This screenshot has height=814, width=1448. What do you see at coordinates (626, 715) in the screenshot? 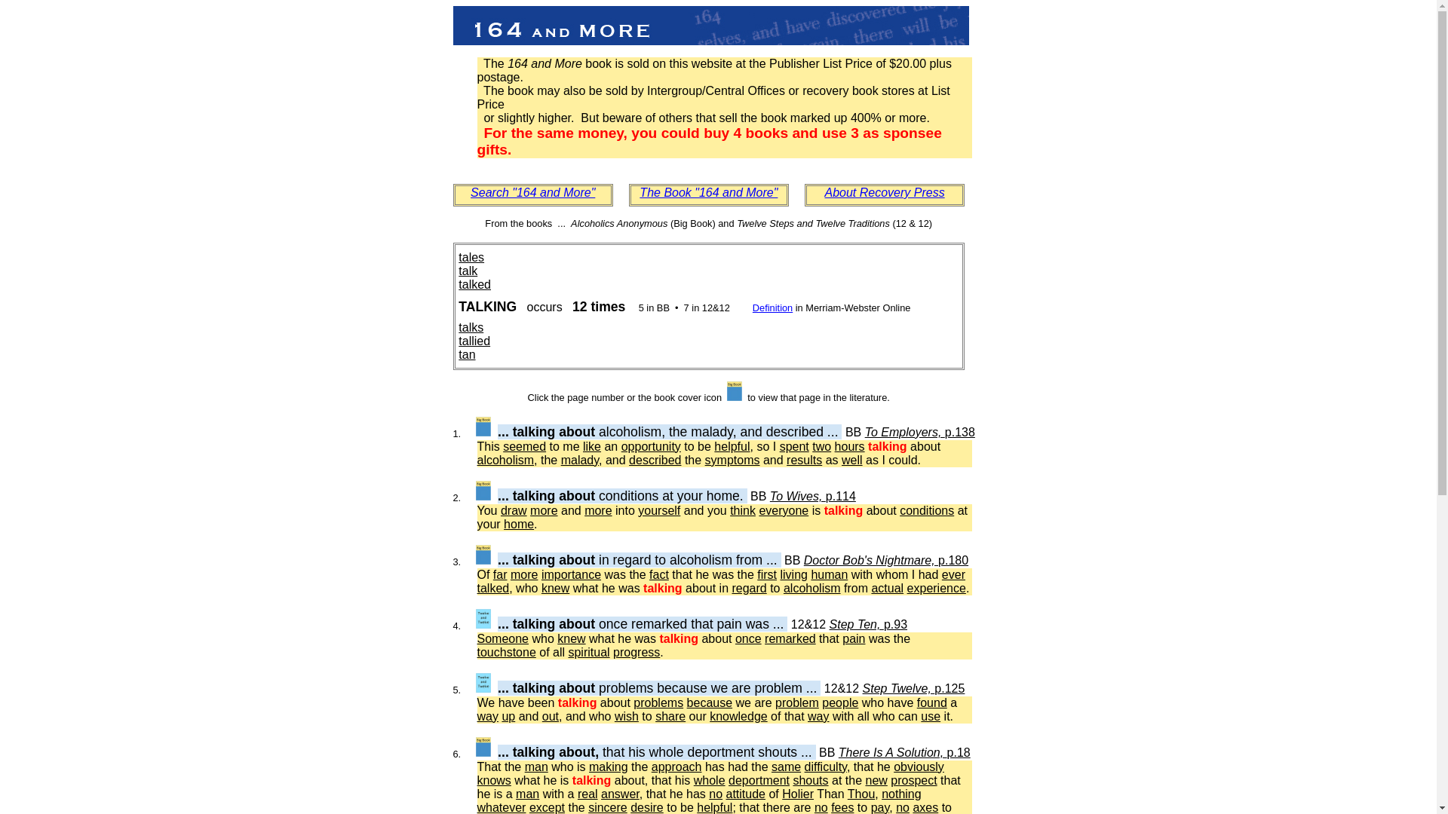
I see `'wish'` at bounding box center [626, 715].